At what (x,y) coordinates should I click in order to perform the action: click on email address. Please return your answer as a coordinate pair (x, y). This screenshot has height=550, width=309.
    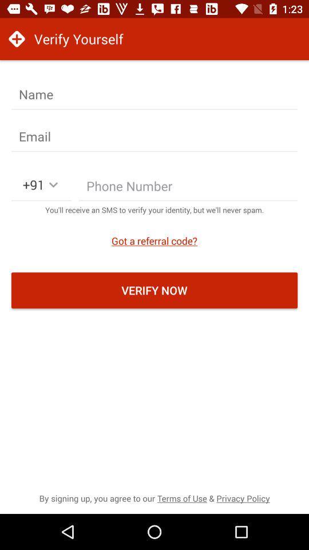
    Looking at the image, I should click on (154, 136).